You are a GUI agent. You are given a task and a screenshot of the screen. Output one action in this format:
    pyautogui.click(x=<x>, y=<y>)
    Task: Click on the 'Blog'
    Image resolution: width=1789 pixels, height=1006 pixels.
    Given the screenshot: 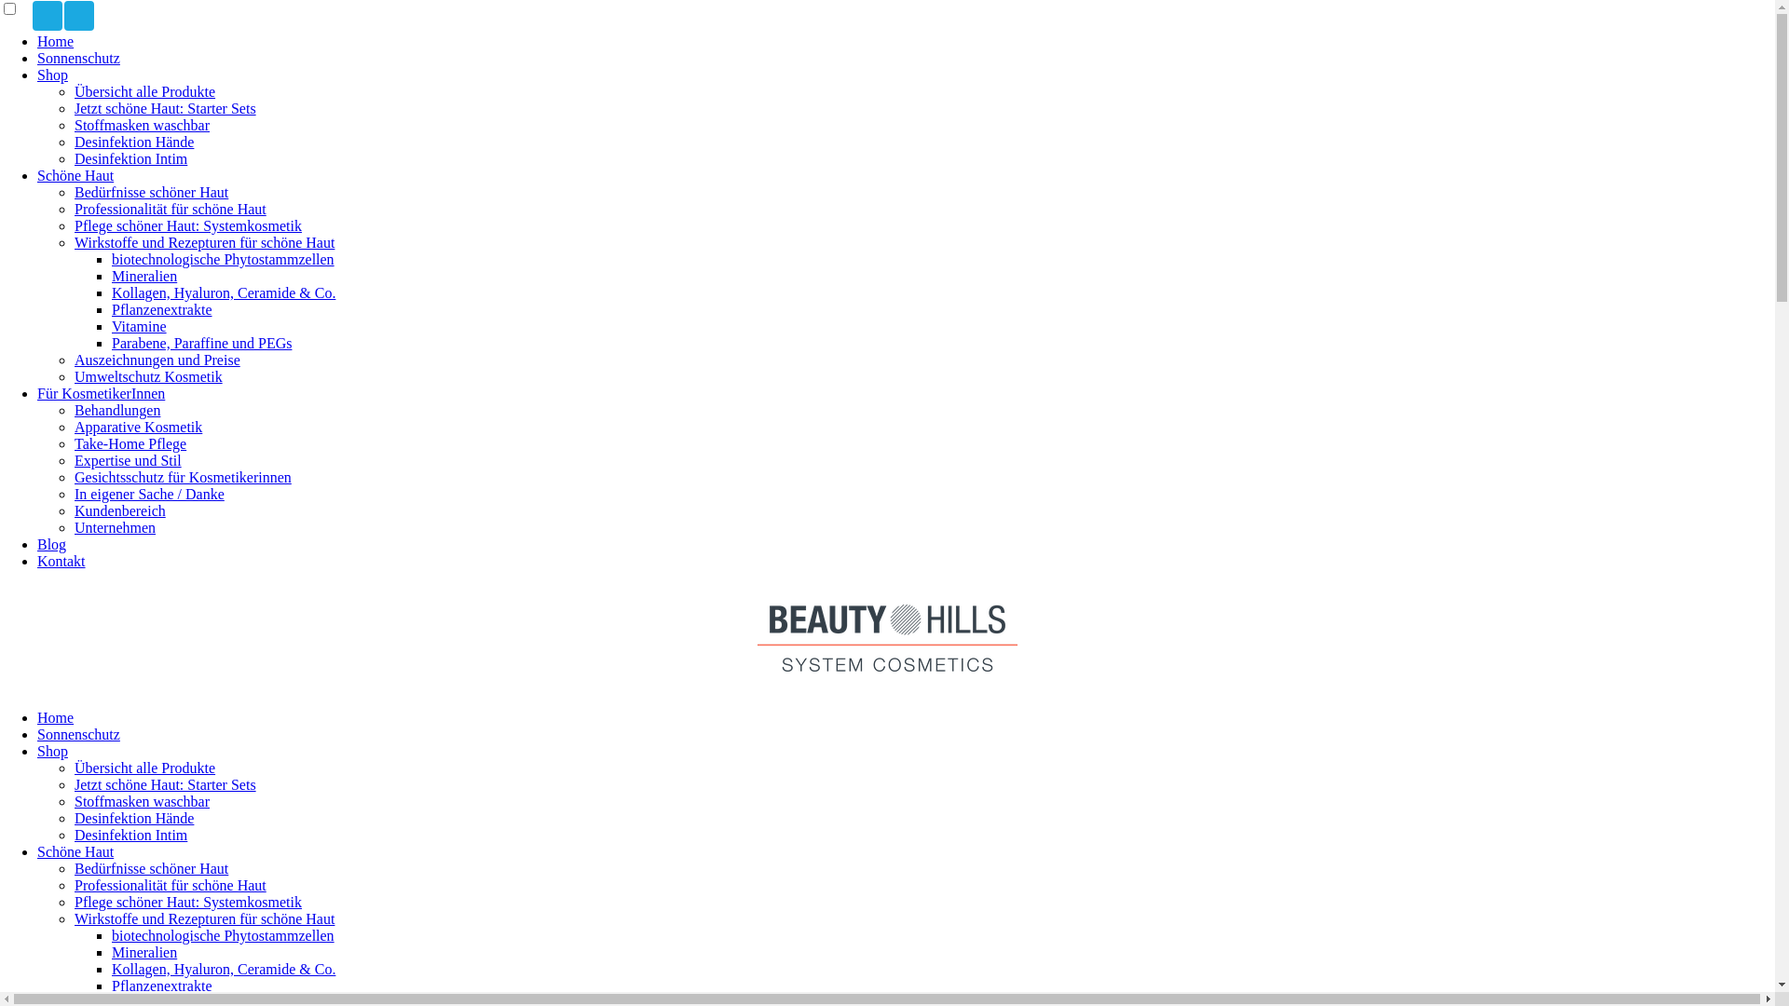 What is the action you would take?
    pyautogui.click(x=51, y=544)
    